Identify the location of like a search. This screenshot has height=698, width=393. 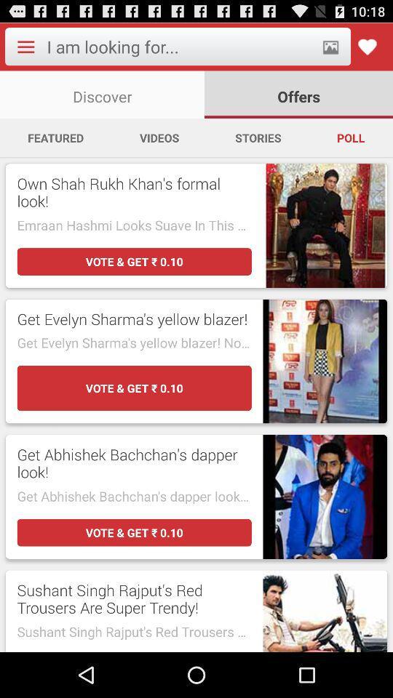
(366, 47).